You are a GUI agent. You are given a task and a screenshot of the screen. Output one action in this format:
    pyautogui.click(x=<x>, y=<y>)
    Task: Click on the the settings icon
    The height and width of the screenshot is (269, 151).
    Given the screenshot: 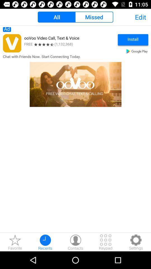 What is the action you would take?
    pyautogui.click(x=136, y=242)
    